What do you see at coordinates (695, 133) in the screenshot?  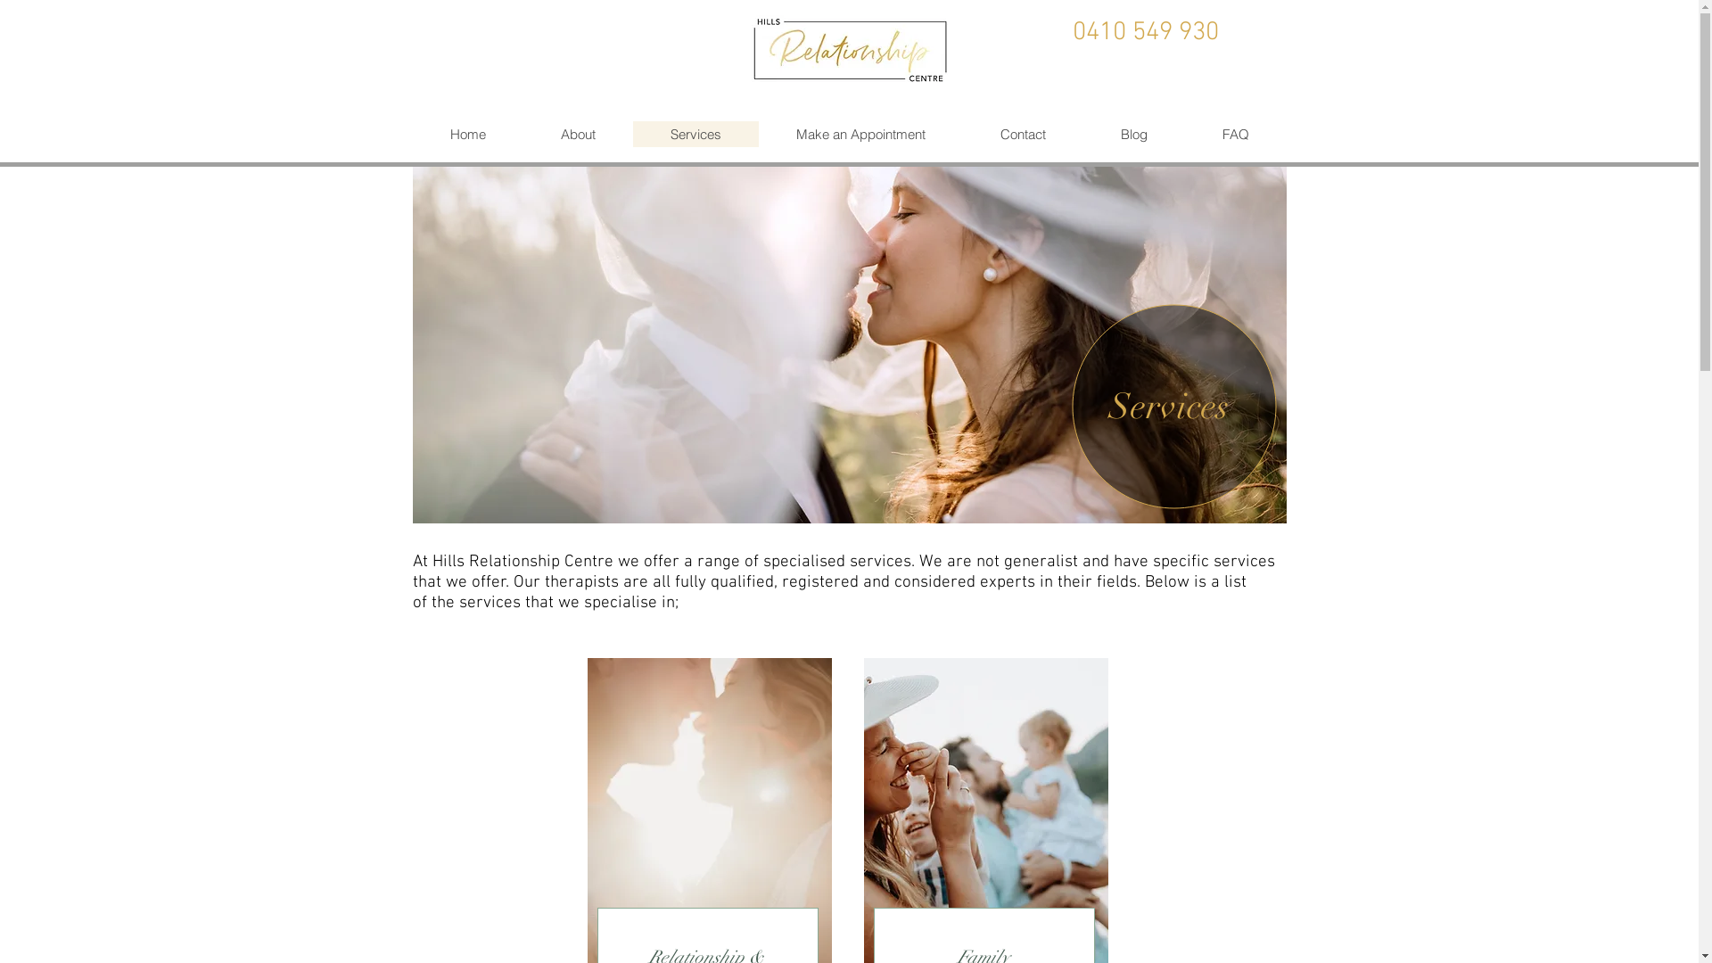 I see `'Services'` at bounding box center [695, 133].